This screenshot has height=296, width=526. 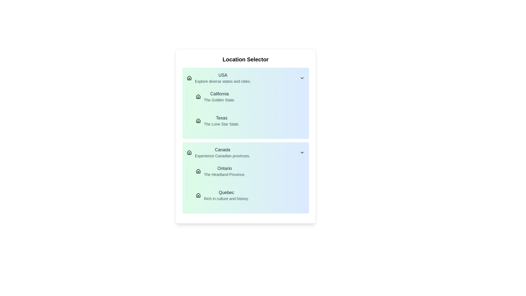 What do you see at coordinates (189, 78) in the screenshot?
I see `the home icon, which is an SVG-based component located to the left of the text 'USA' in the section titled 'Explore diverse states and cities.'` at bounding box center [189, 78].